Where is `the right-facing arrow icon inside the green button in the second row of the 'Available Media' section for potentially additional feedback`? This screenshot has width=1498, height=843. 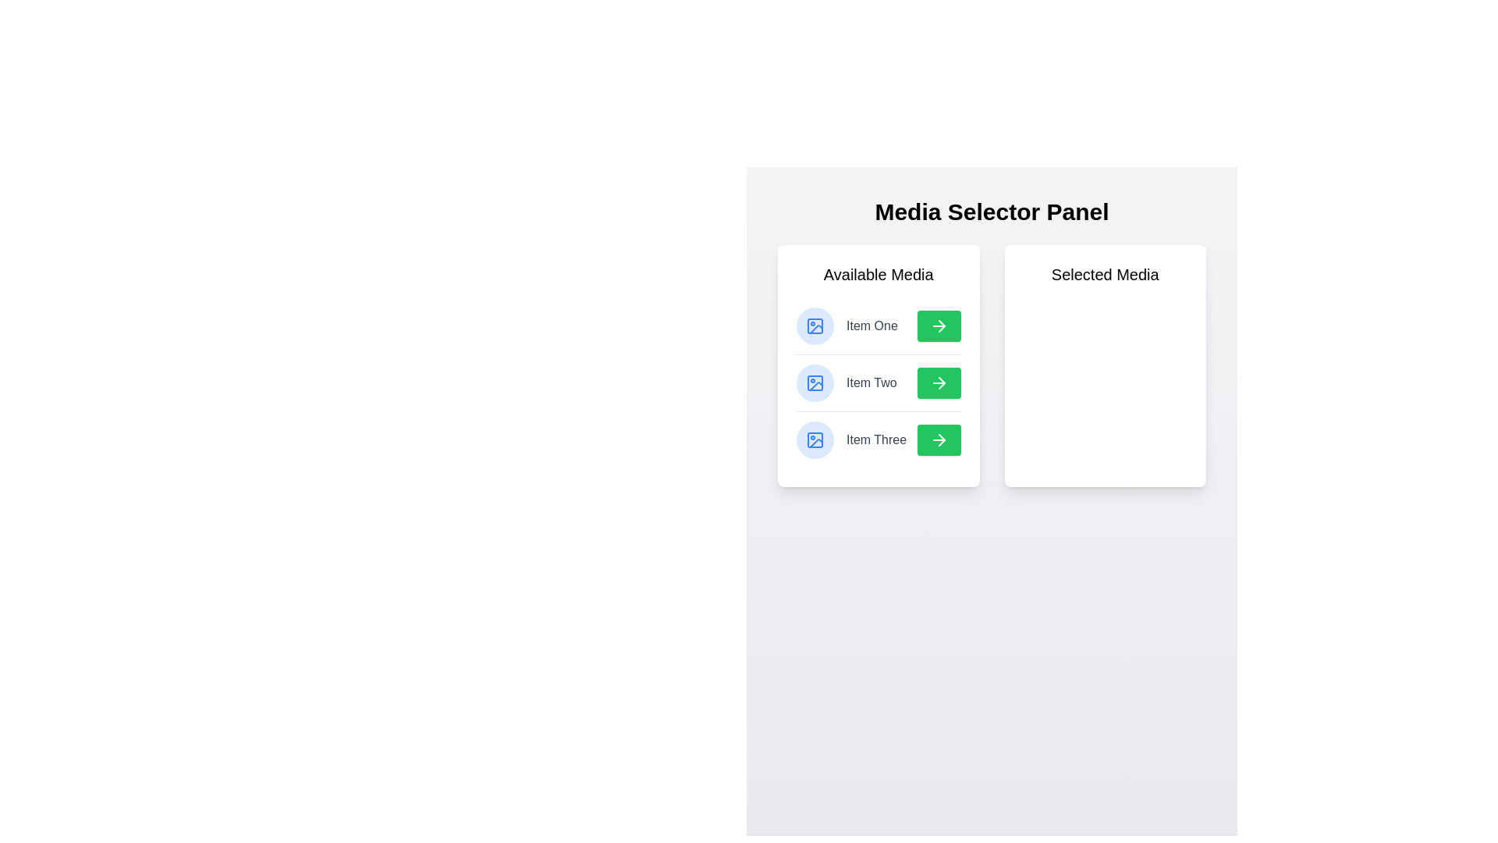
the right-facing arrow icon inside the green button in the second row of the 'Available Media' section for potentially additional feedback is located at coordinates (940, 382).